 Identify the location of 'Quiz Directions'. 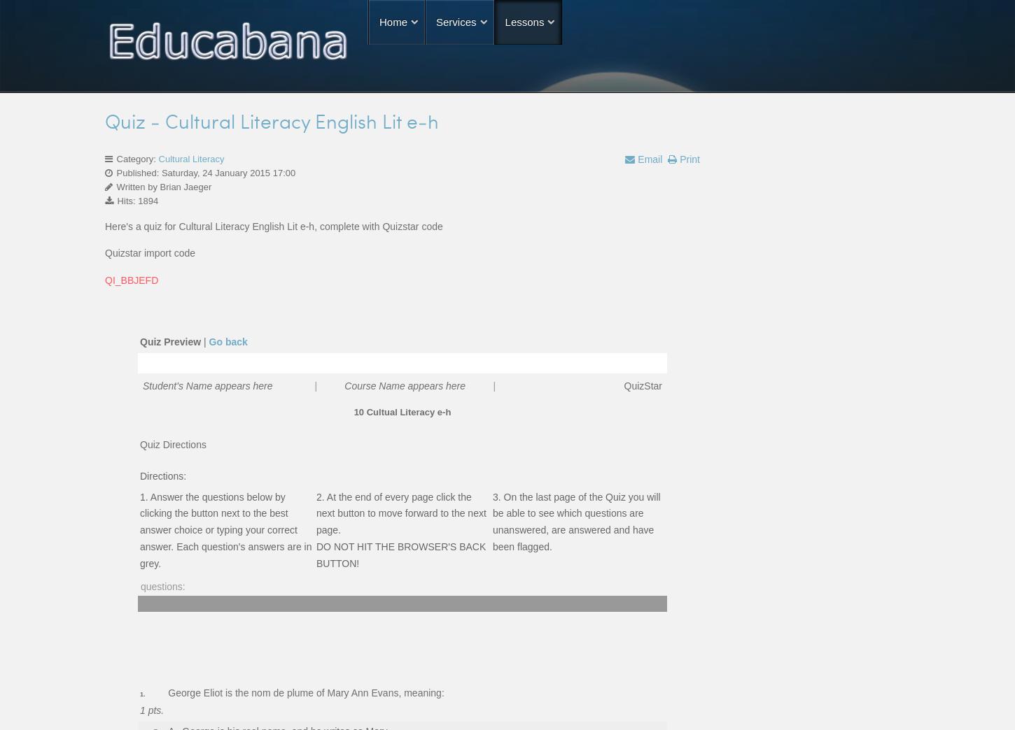
(172, 443).